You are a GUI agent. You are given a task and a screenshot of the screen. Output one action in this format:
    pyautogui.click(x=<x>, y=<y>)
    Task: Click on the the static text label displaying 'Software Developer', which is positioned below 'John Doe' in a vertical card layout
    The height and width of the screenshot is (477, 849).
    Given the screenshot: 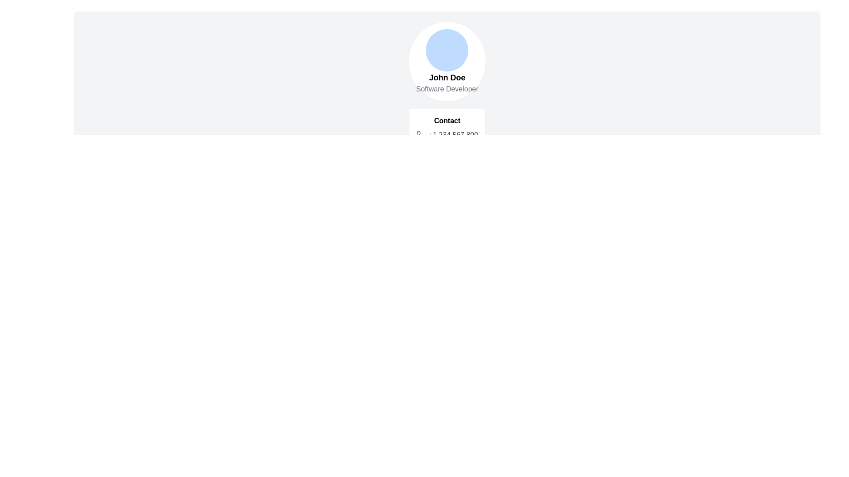 What is the action you would take?
    pyautogui.click(x=447, y=89)
    